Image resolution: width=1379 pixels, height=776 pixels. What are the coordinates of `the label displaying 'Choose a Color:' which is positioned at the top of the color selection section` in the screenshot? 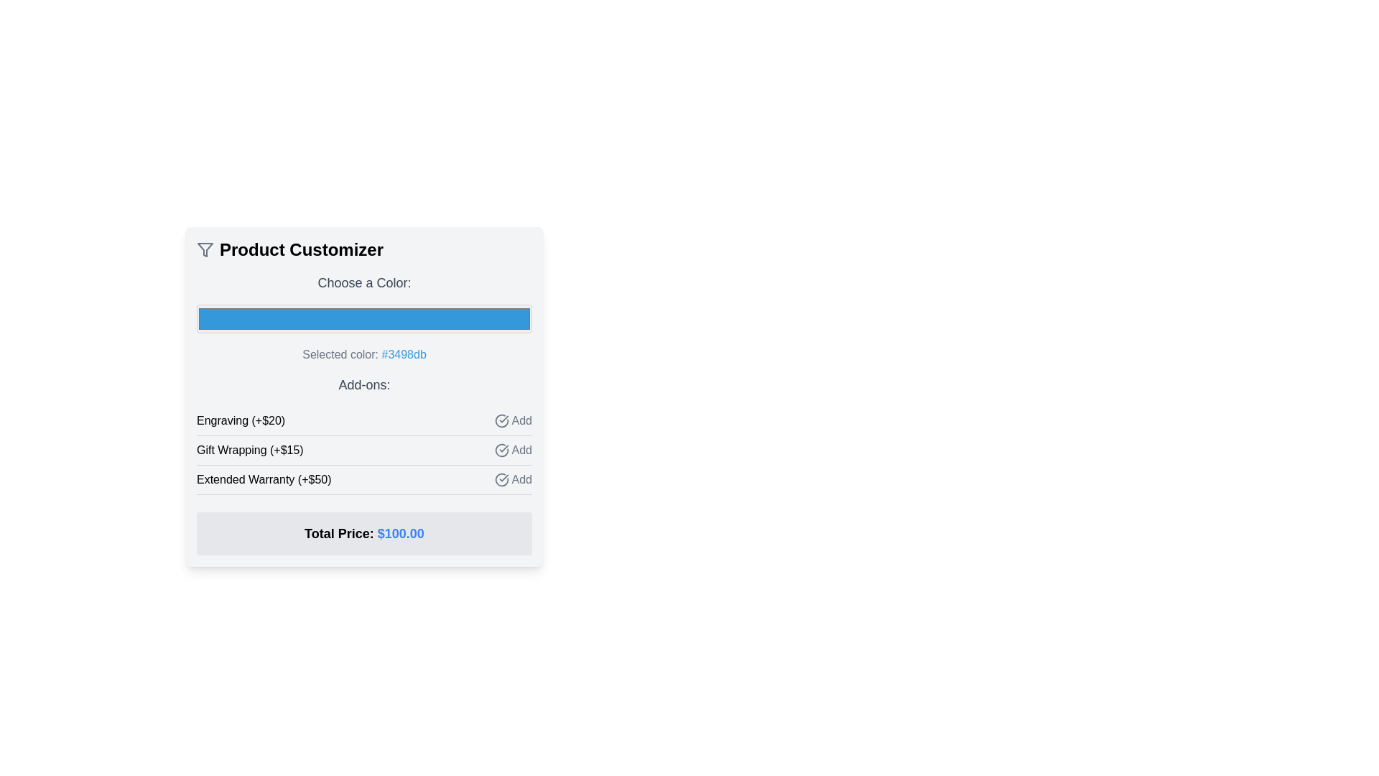 It's located at (364, 282).